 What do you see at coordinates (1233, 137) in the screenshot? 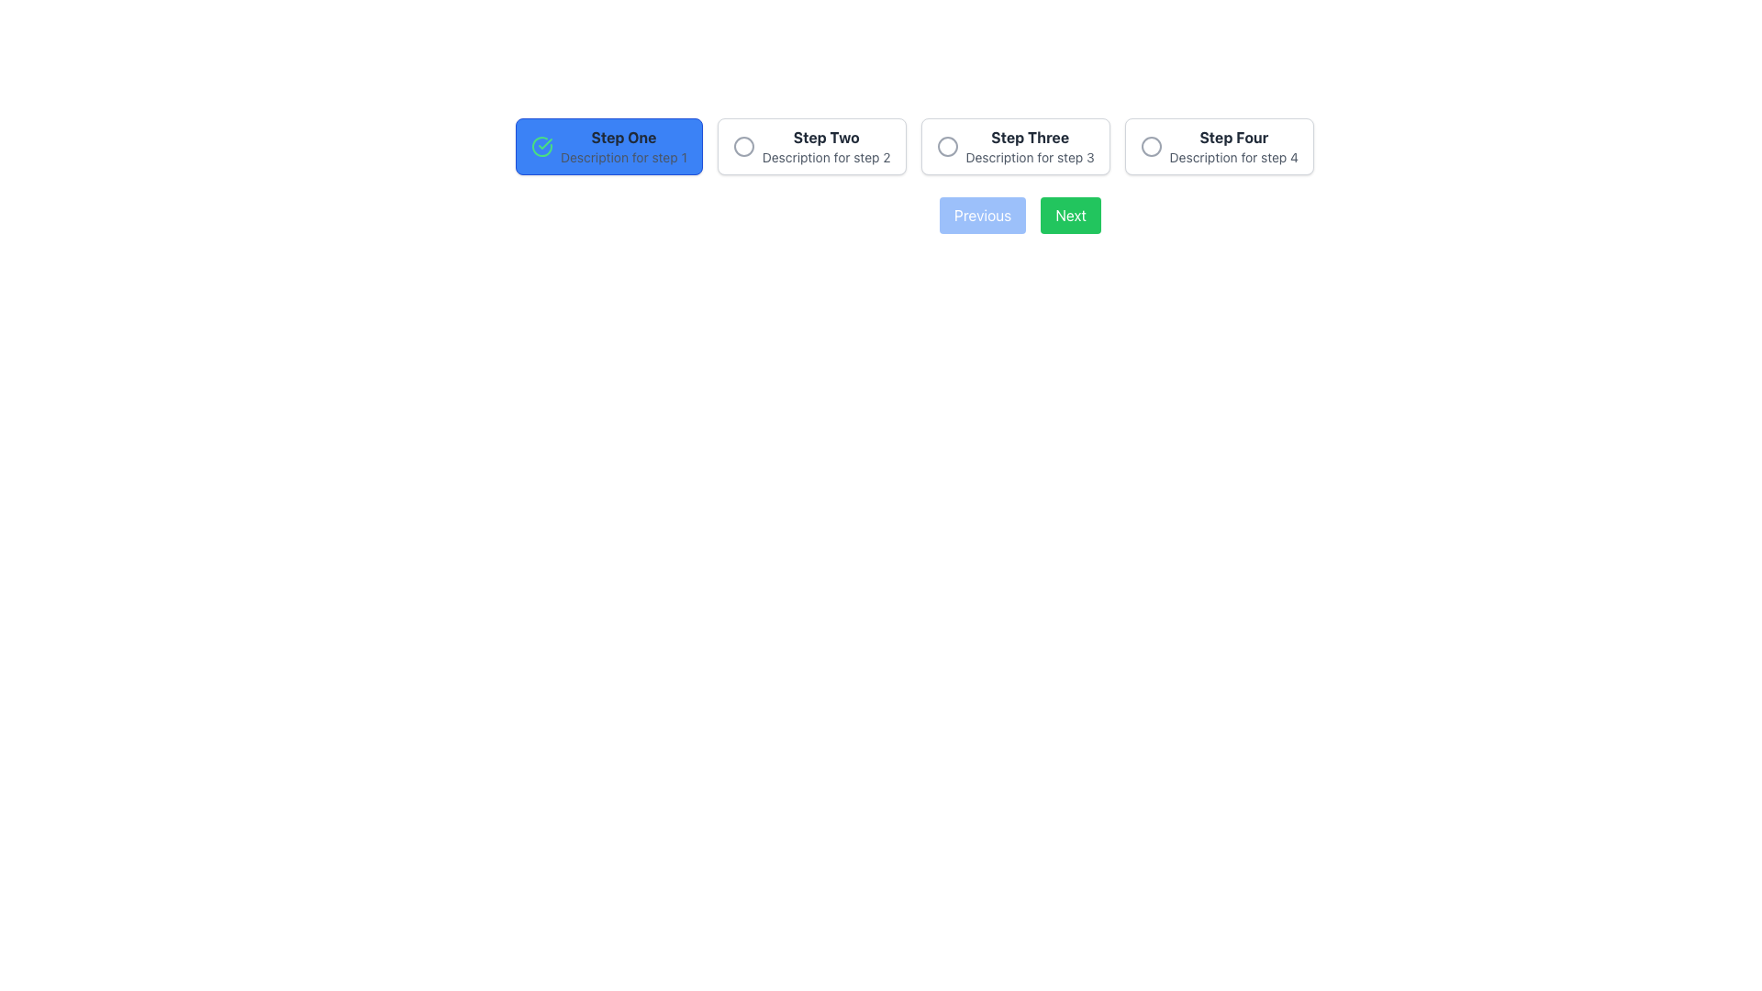
I see `the bold text label displaying 'Step Four' in dark gray, which is the fourth step in a row of labeled steps, located above the descriptive text 'Description for step 4'` at bounding box center [1233, 137].